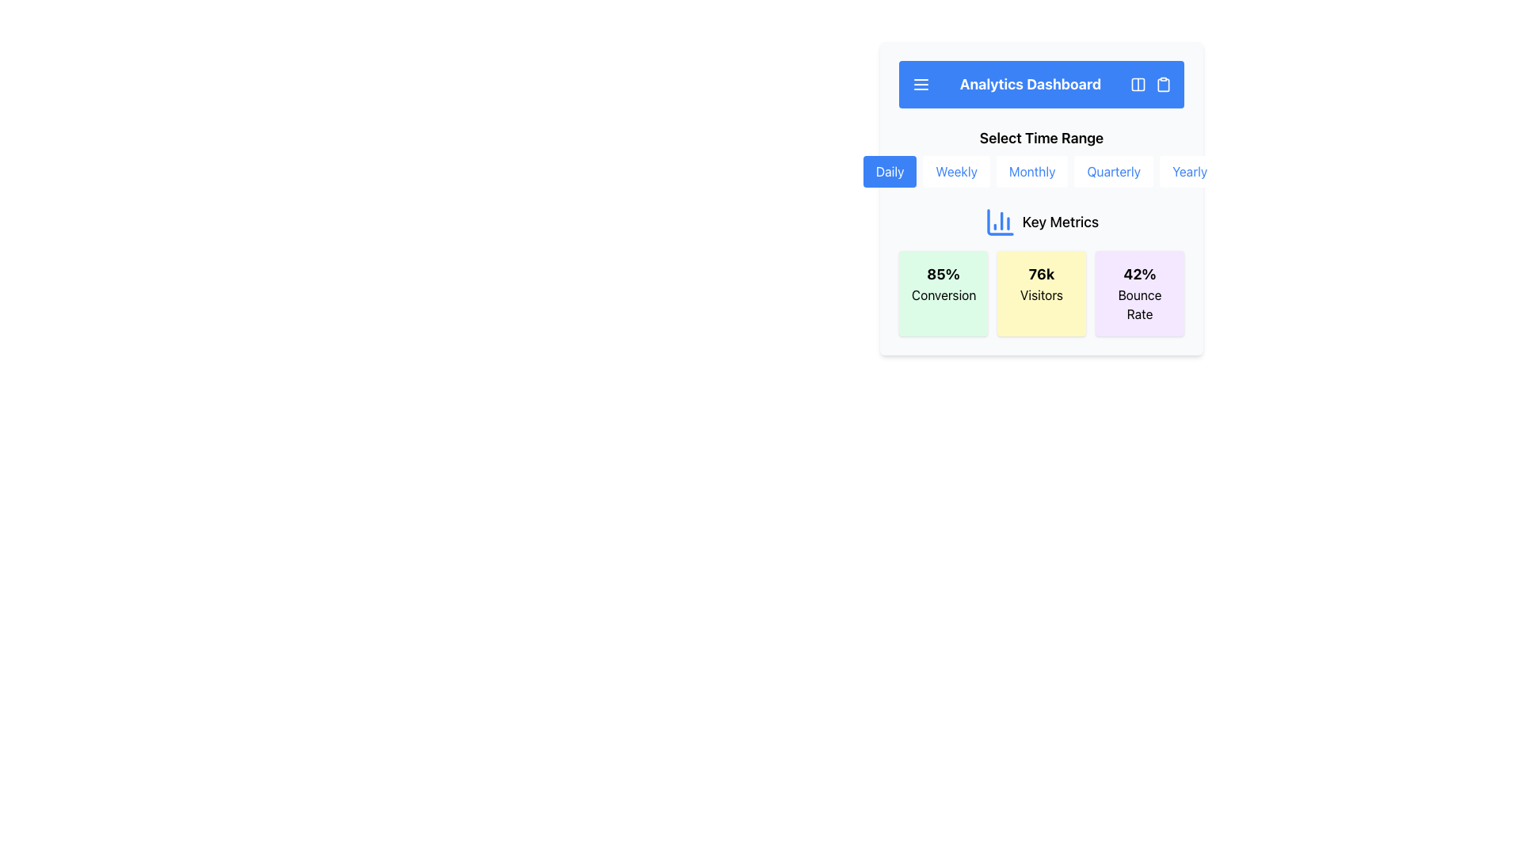  What do you see at coordinates (943, 293) in the screenshot?
I see `the '85% Conversion' statistical display located in the 'Key Metrics' section of the dashboard, which is the leftmost of three similar elements` at bounding box center [943, 293].